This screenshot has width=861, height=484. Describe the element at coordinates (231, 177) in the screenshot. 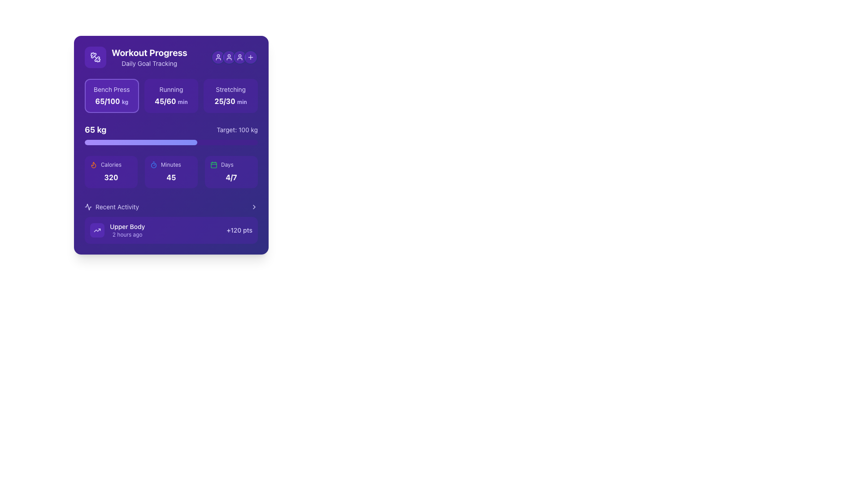

I see `the text label displaying '4/7' in bold white font against a violet background, located in the 'Days' group of the 'Workout Progress' card` at that location.